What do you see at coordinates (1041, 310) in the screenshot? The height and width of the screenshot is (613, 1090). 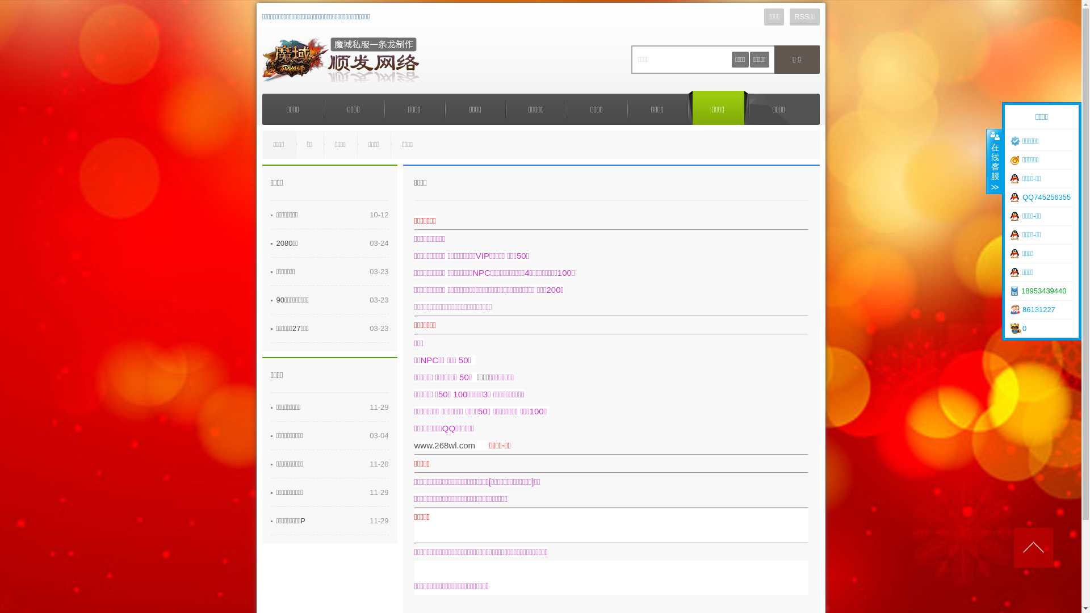 I see `'86131227'` at bounding box center [1041, 310].